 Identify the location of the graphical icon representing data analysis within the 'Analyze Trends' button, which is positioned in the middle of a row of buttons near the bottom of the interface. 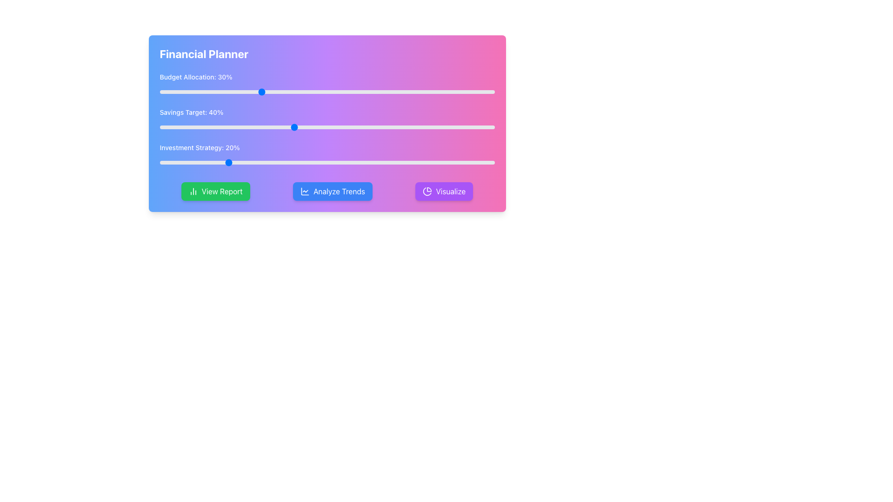
(305, 191).